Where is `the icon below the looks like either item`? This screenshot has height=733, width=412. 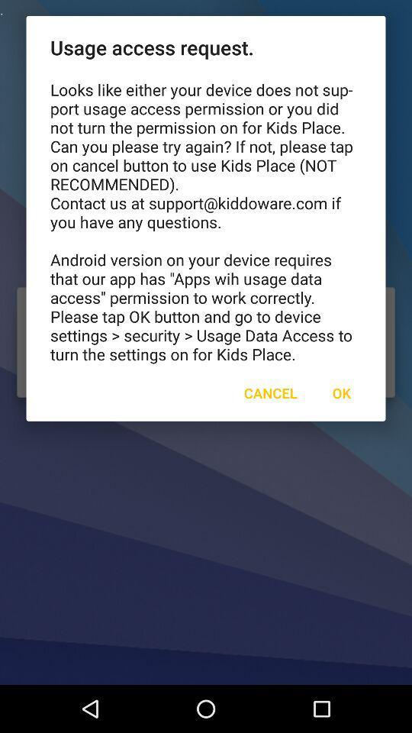 the icon below the looks like either item is located at coordinates (341, 392).